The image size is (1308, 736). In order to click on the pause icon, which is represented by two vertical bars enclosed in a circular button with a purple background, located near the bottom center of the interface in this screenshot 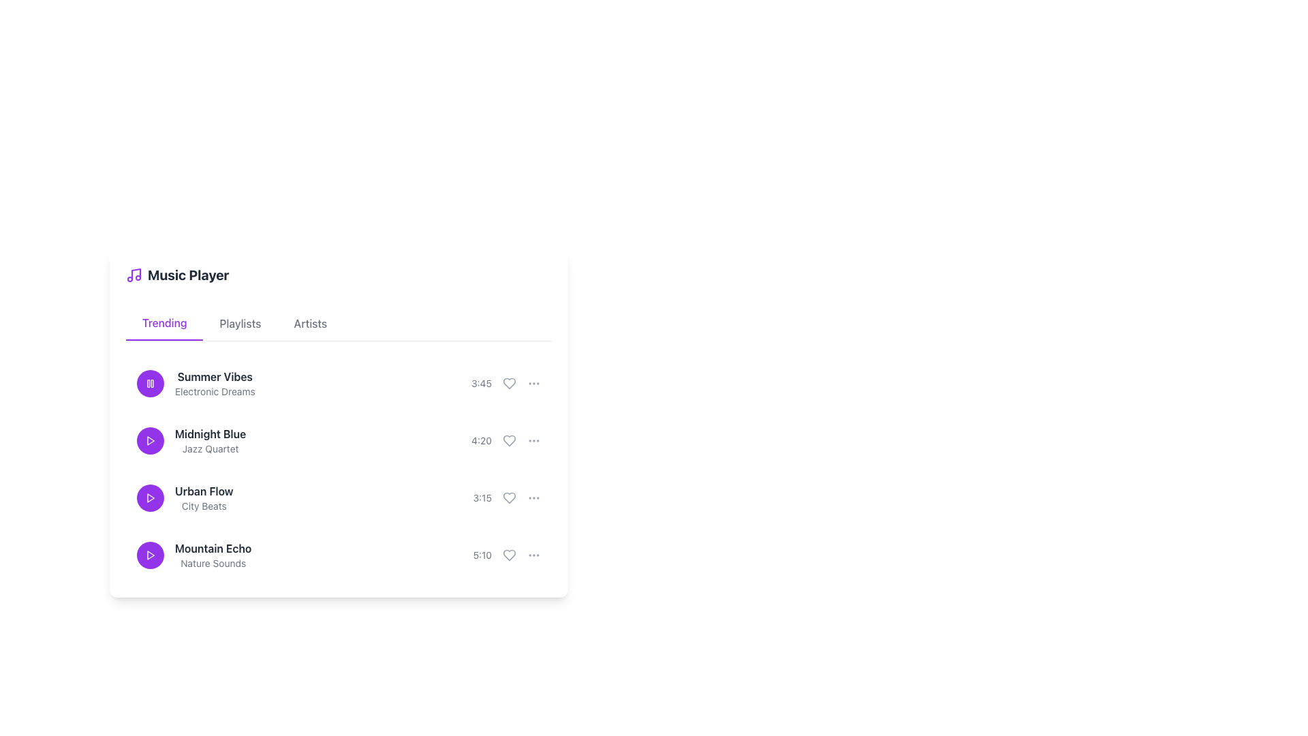, I will do `click(150, 384)`.